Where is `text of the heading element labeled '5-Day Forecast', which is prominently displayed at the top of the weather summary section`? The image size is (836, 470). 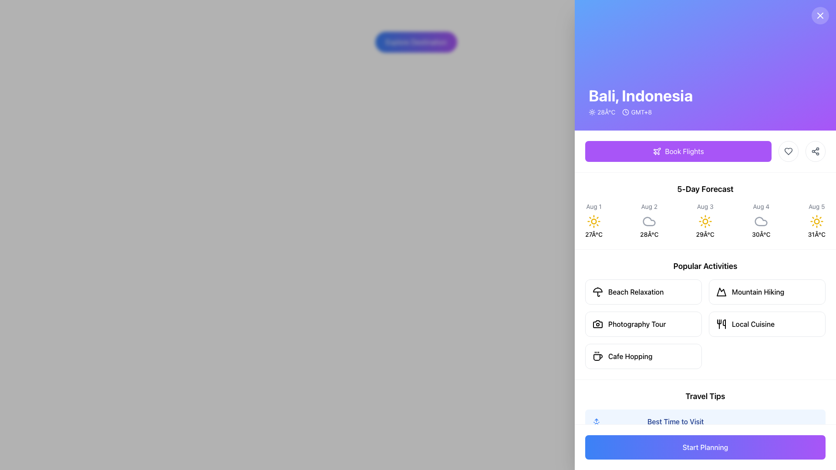
text of the heading element labeled '5-Day Forecast', which is prominently displayed at the top of the weather summary section is located at coordinates (705, 189).